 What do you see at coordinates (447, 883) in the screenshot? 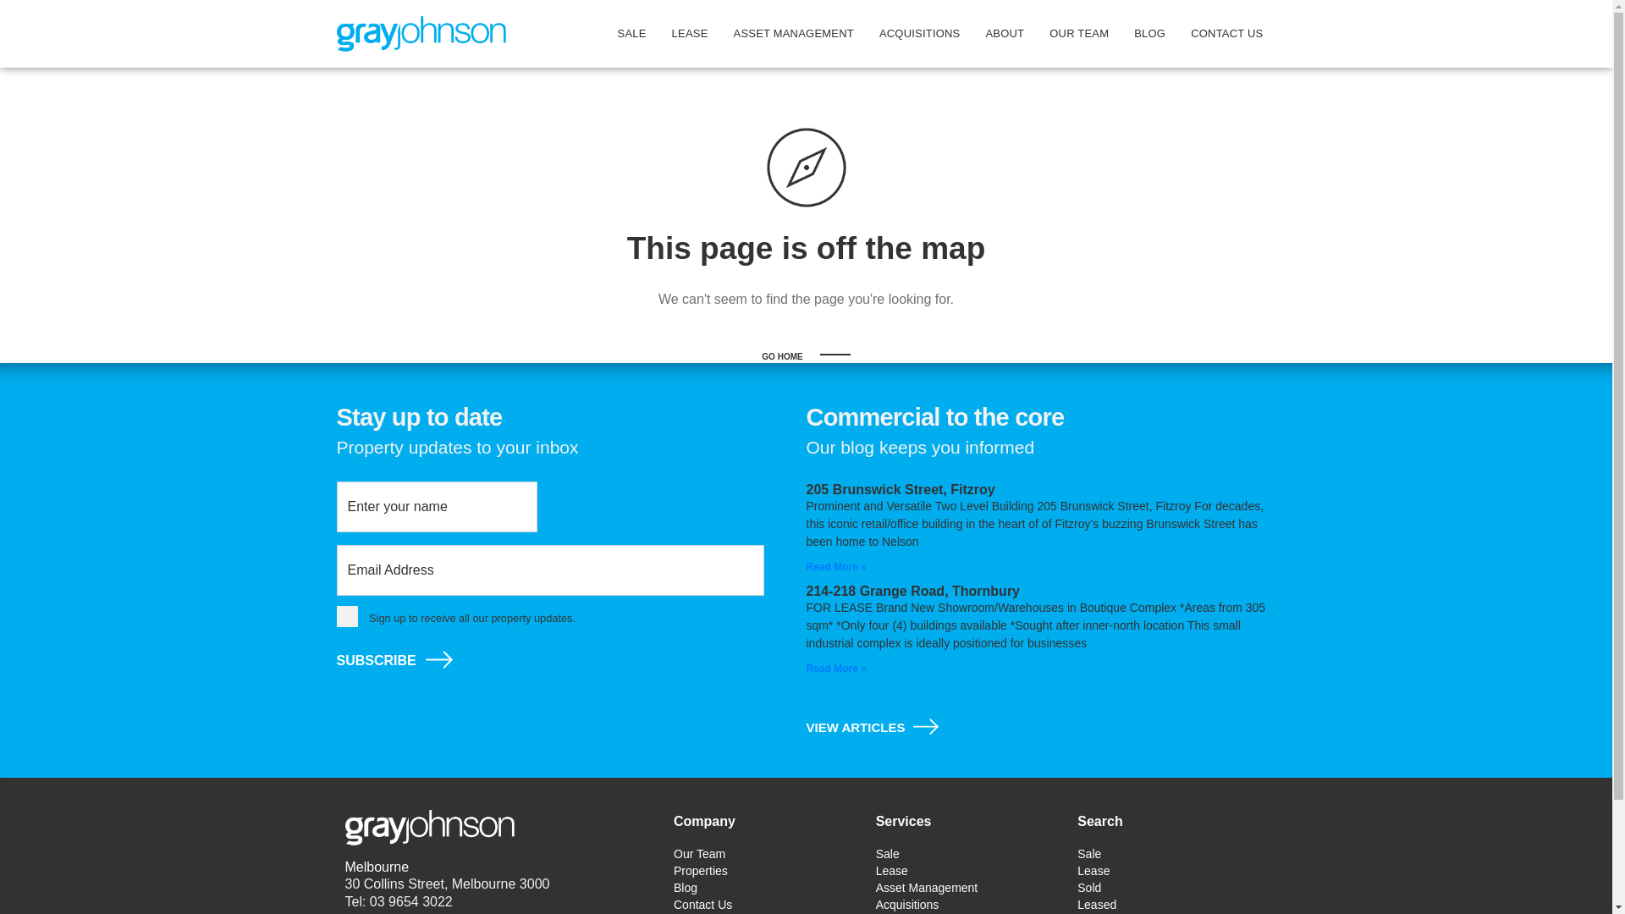
I see `'30 Collins Street, Melbourne 3000'` at bounding box center [447, 883].